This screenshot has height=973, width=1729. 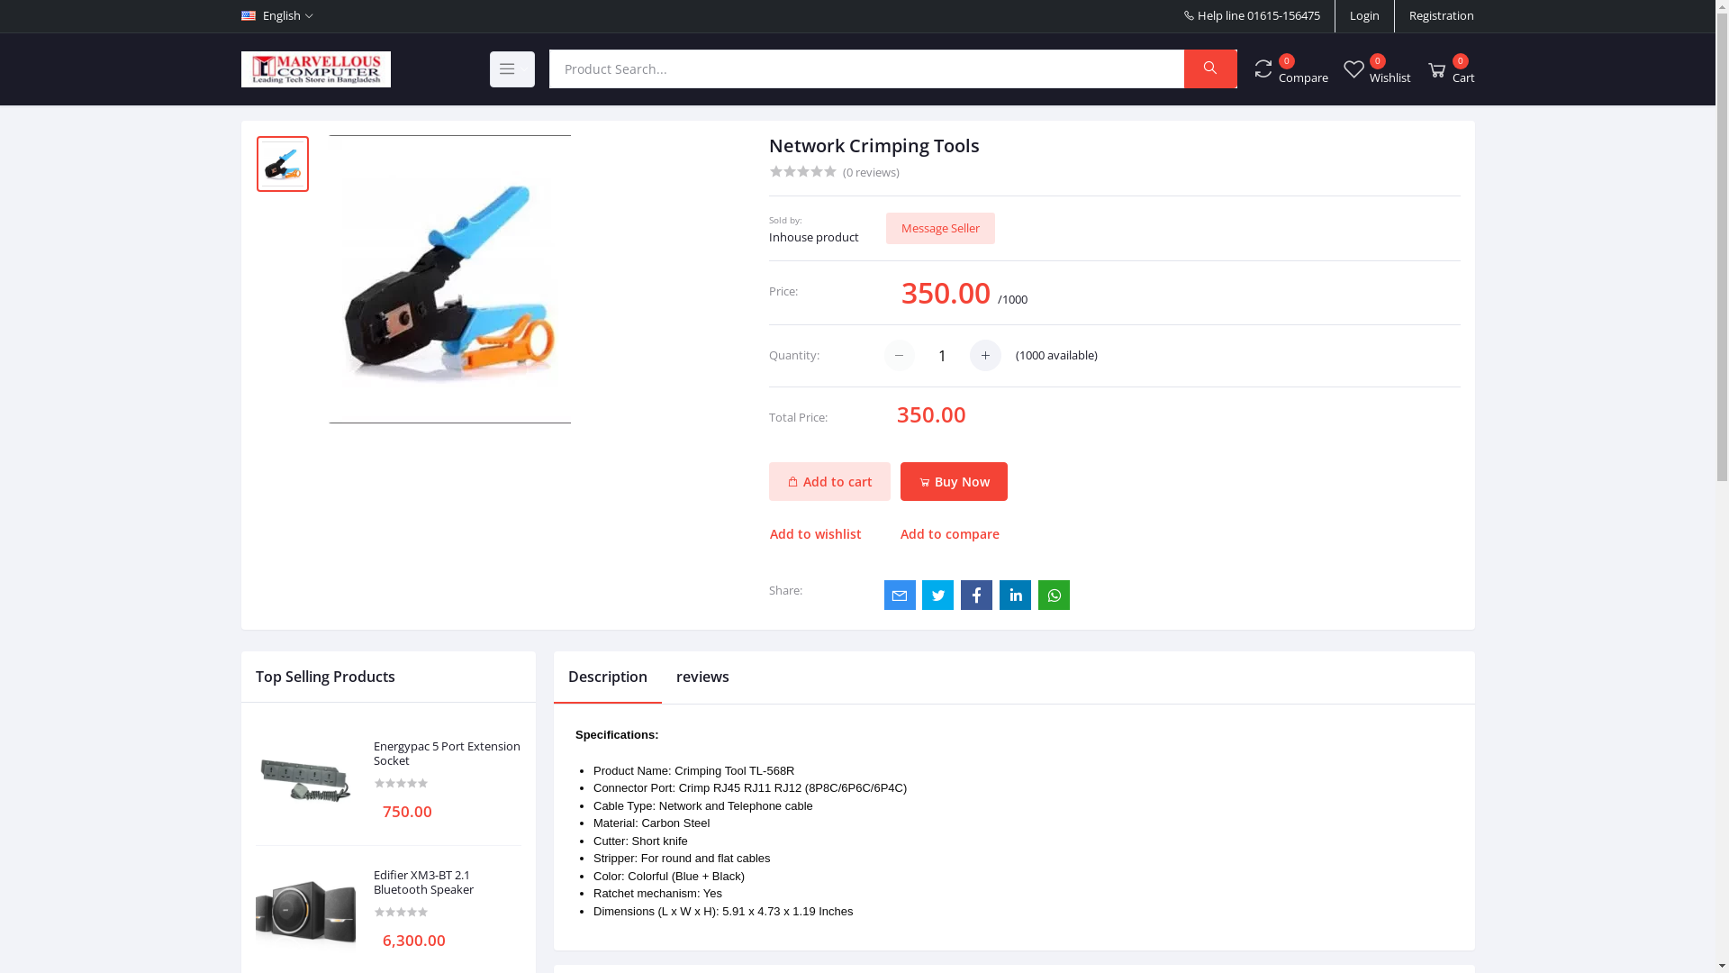 I want to click on '0, so click(x=1374, y=68).